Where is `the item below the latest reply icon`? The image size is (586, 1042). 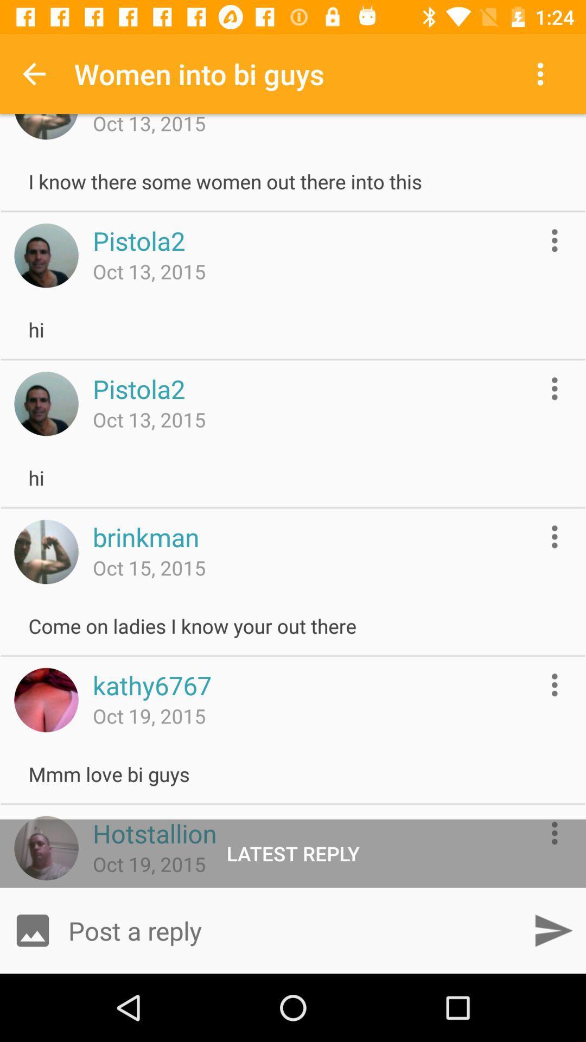 the item below the latest reply icon is located at coordinates (293, 930).